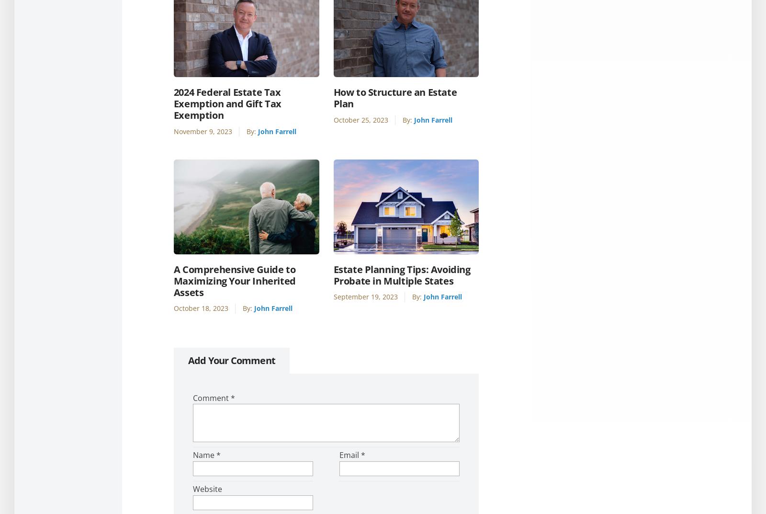 This screenshot has width=766, height=514. I want to click on 'A Comprehensive Guide to Maximizing Your Inherited Assets', so click(234, 280).